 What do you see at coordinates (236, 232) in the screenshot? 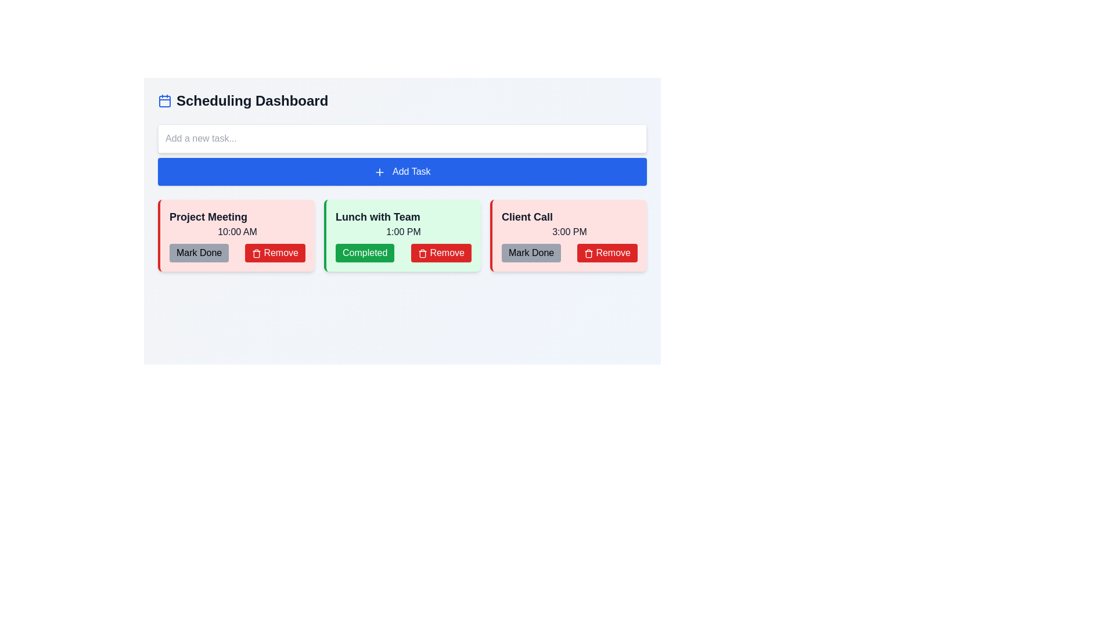
I see `displayed scheduled time for the task 'Project Meeting' from the text label located below the card title in the 'Scheduling Dashboard'` at bounding box center [236, 232].